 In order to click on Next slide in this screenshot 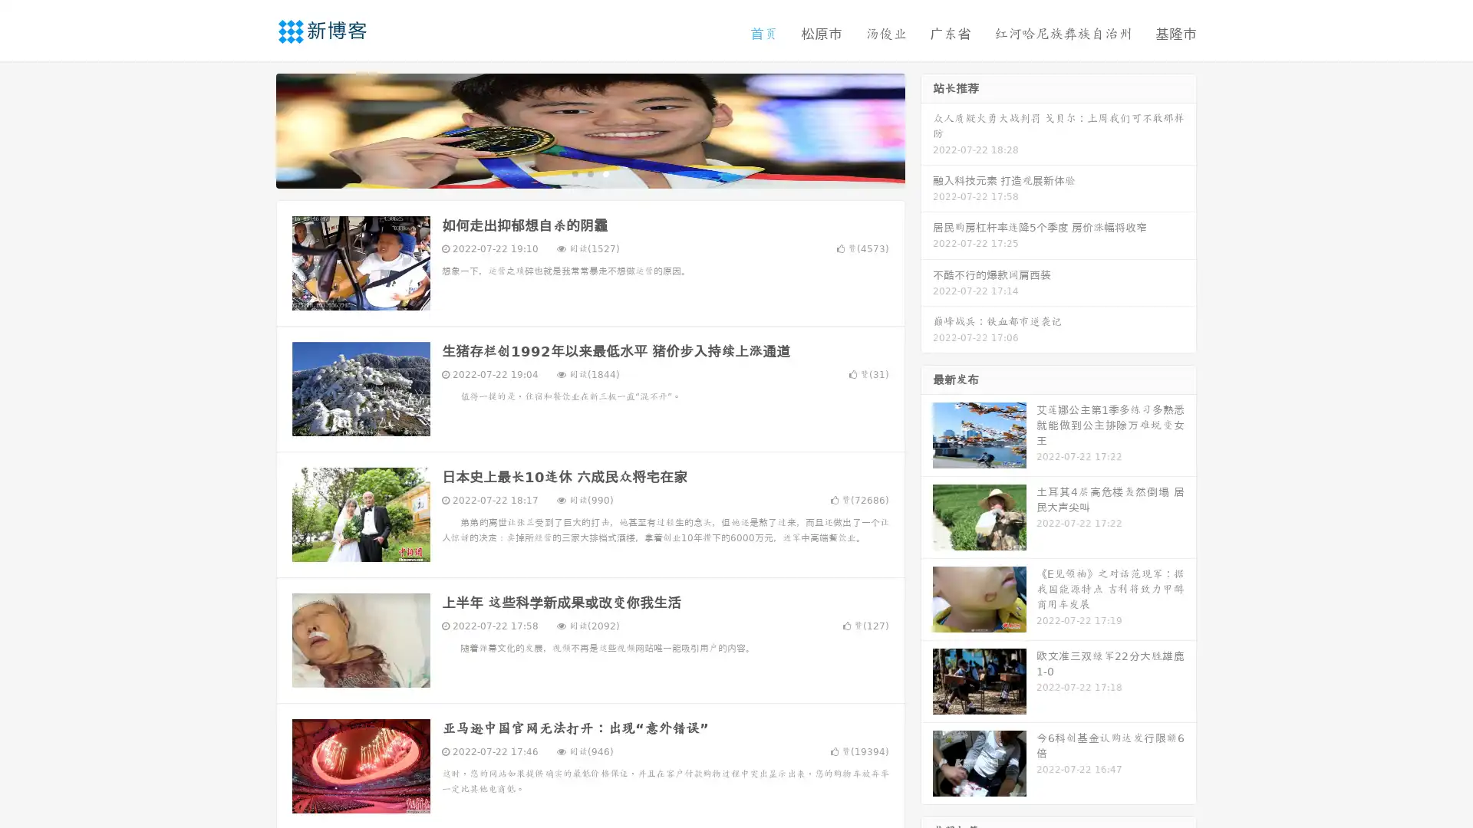, I will do `click(927, 129)`.